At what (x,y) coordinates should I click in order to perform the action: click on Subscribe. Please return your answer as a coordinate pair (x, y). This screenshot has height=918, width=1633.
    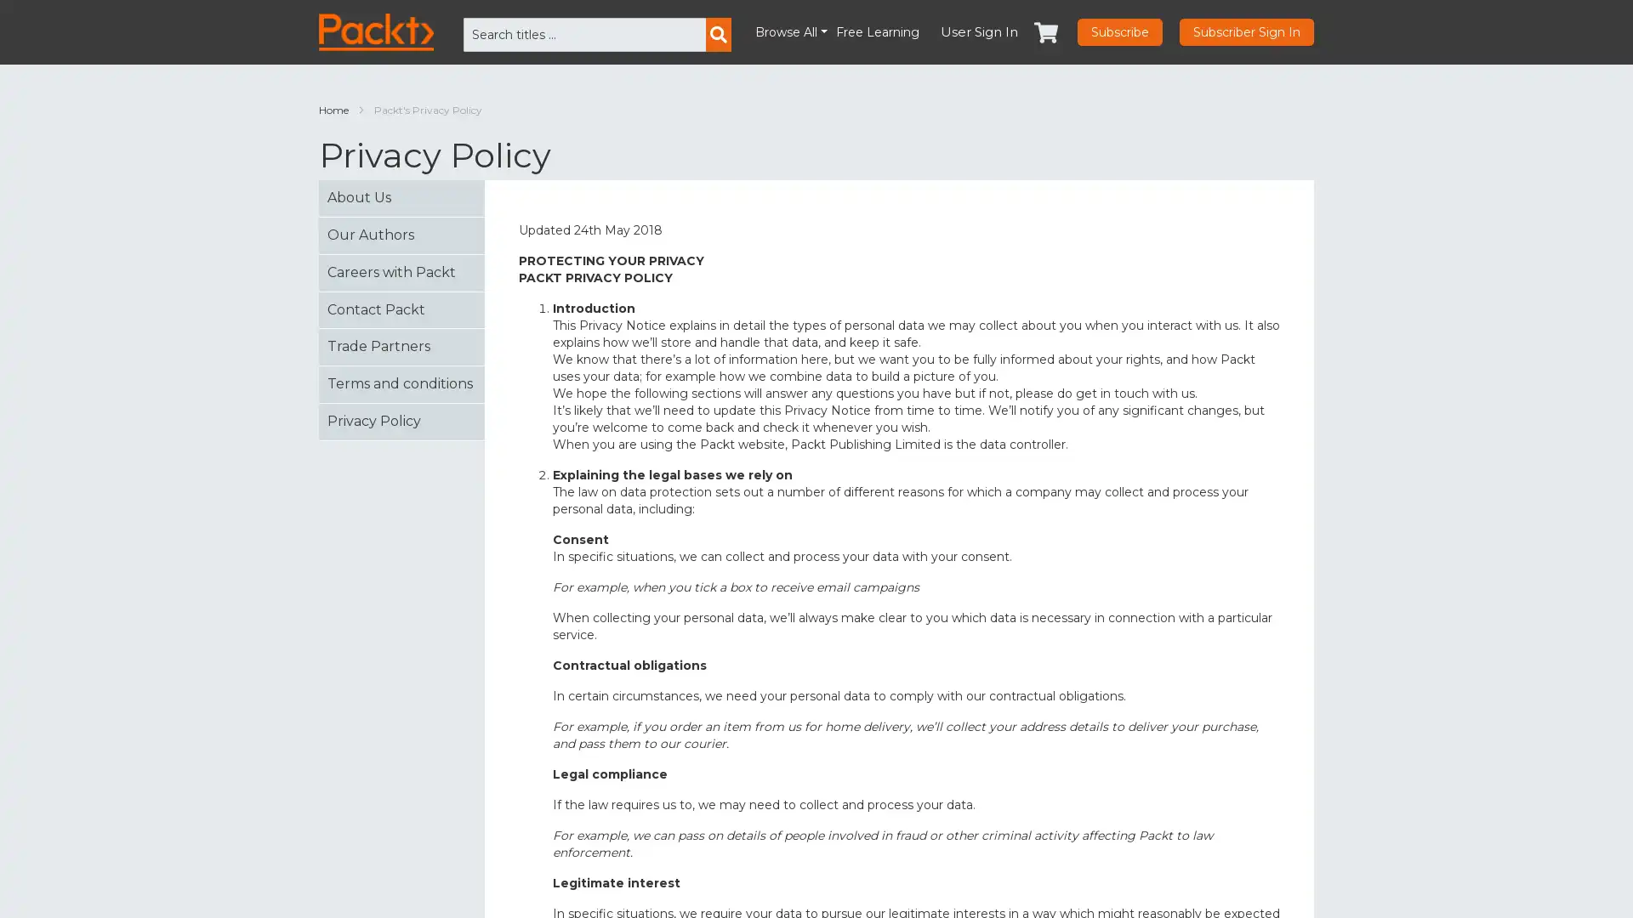
    Looking at the image, I should click on (1119, 32).